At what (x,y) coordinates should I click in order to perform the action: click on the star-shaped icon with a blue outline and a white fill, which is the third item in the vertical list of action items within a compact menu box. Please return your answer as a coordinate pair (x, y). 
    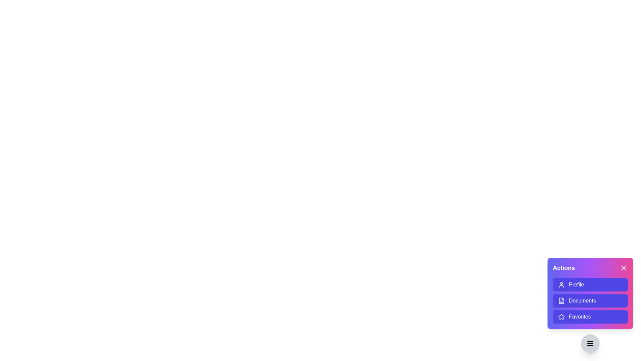
    Looking at the image, I should click on (561, 316).